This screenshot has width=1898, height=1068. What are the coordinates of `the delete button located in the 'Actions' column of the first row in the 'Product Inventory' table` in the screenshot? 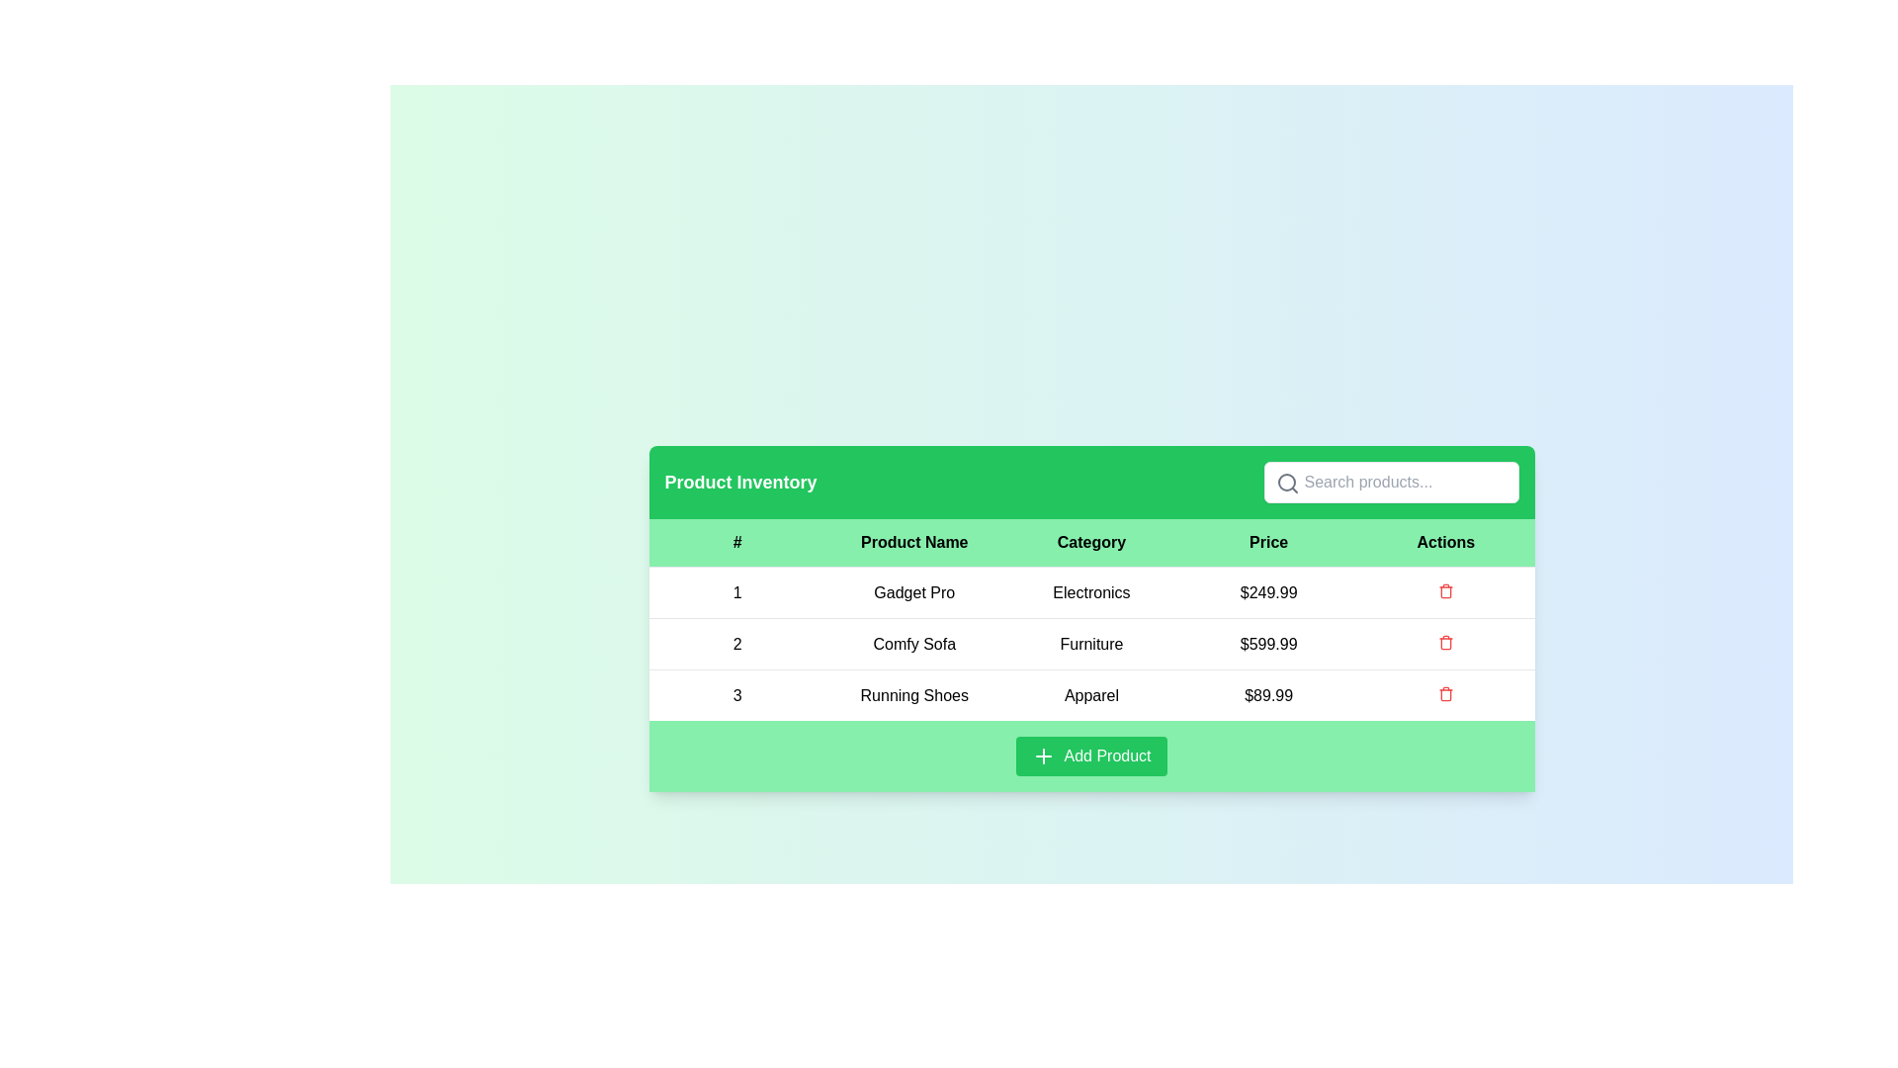 It's located at (1445, 589).